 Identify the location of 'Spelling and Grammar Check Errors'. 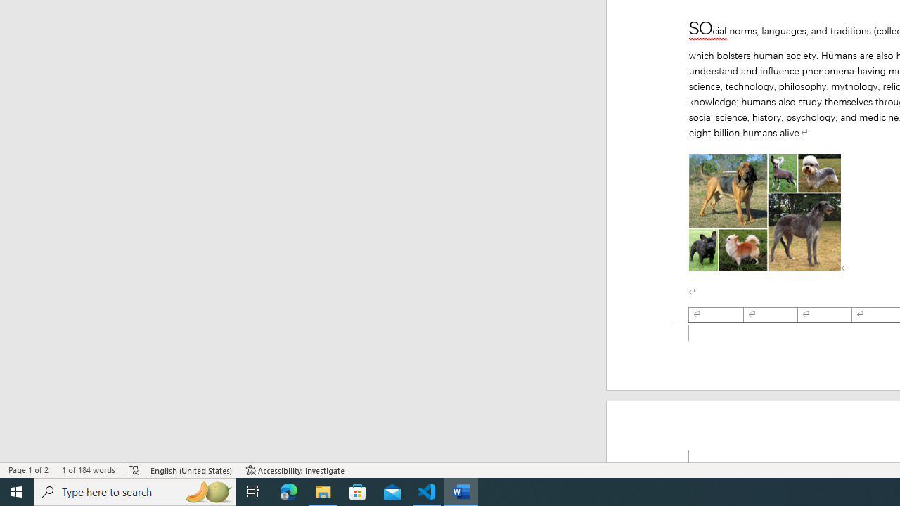
(134, 470).